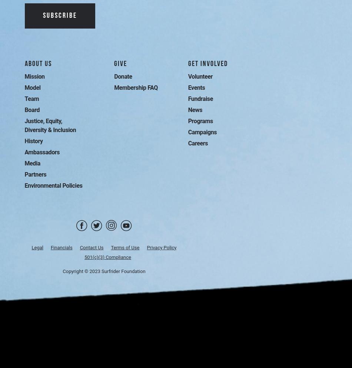 This screenshot has height=368, width=352. I want to click on 'Financials', so click(61, 247).